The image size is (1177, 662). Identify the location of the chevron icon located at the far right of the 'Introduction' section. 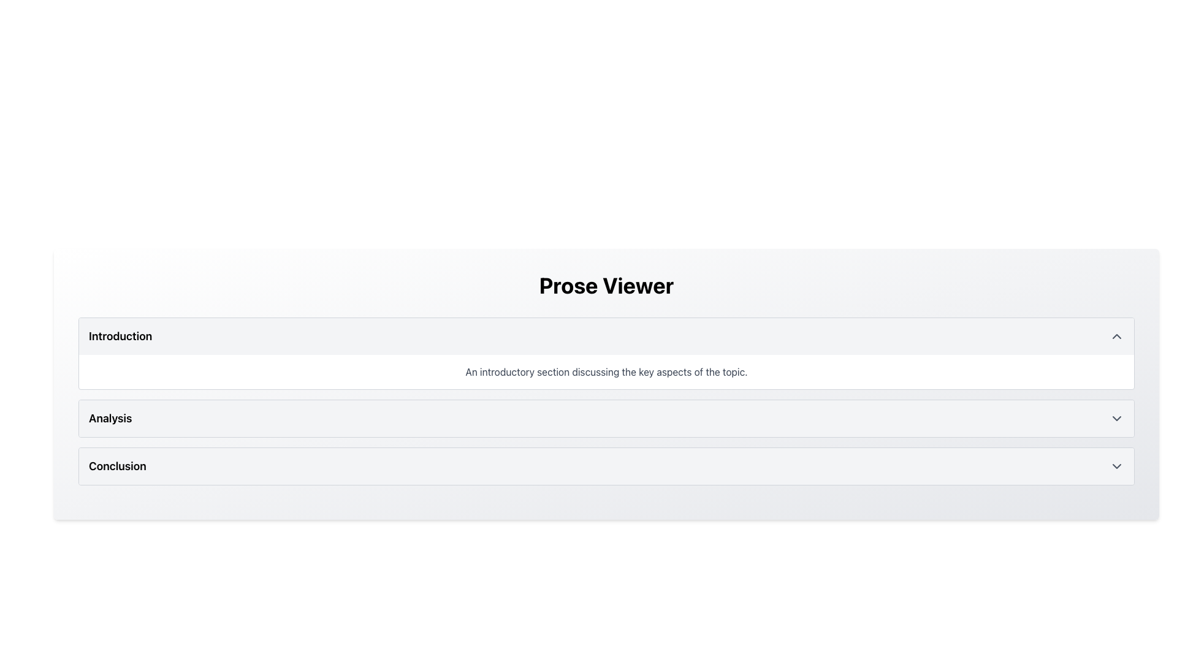
(1117, 336).